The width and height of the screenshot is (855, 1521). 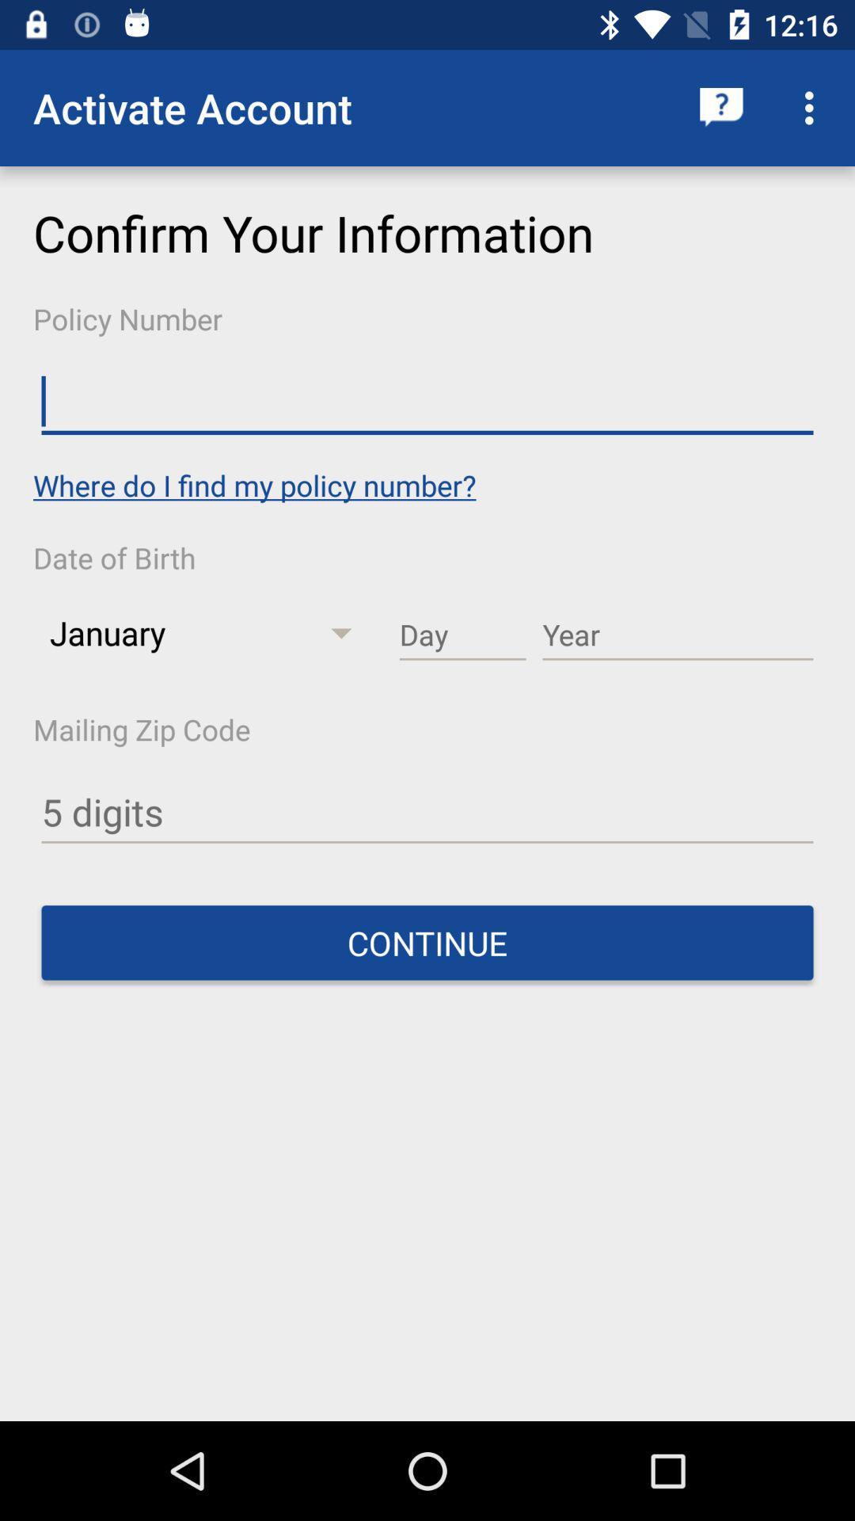 What do you see at coordinates (427, 813) in the screenshot?
I see `the item above the continue` at bounding box center [427, 813].